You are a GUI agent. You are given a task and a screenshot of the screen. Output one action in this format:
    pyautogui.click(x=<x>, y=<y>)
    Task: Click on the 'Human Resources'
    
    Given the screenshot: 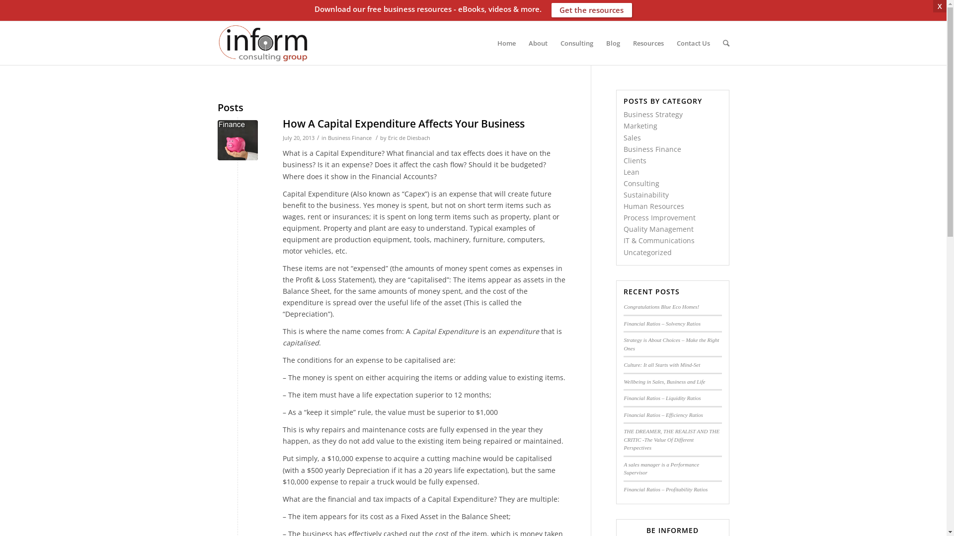 What is the action you would take?
    pyautogui.click(x=623, y=205)
    